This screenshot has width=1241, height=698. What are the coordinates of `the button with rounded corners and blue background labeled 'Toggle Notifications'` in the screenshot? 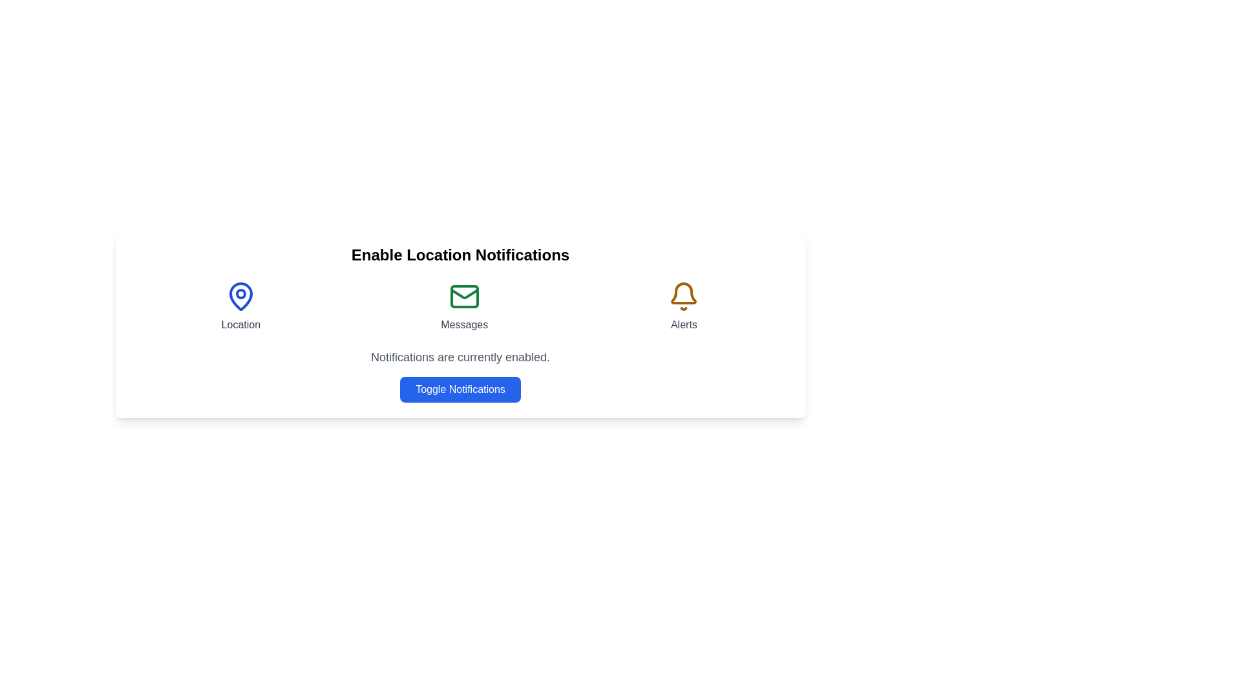 It's located at (460, 388).